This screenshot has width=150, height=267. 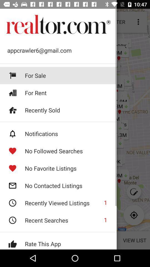 I want to click on the edit icon, so click(x=134, y=192).